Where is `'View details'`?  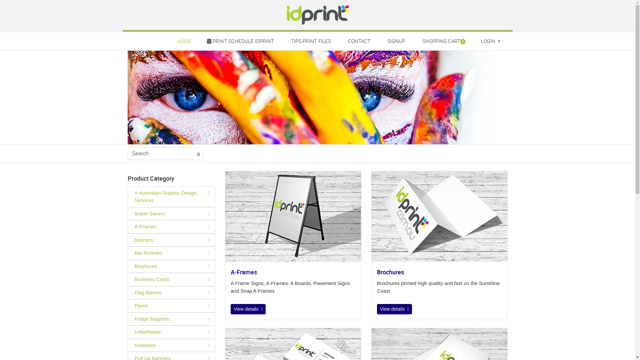 'View details' is located at coordinates (394, 309).